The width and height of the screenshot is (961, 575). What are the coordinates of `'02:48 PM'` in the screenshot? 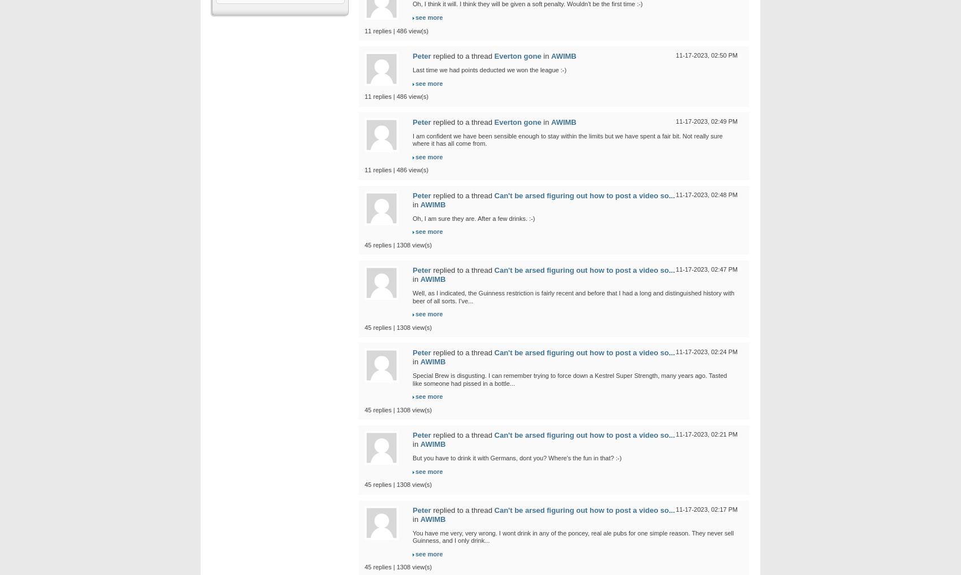 It's located at (724, 193).